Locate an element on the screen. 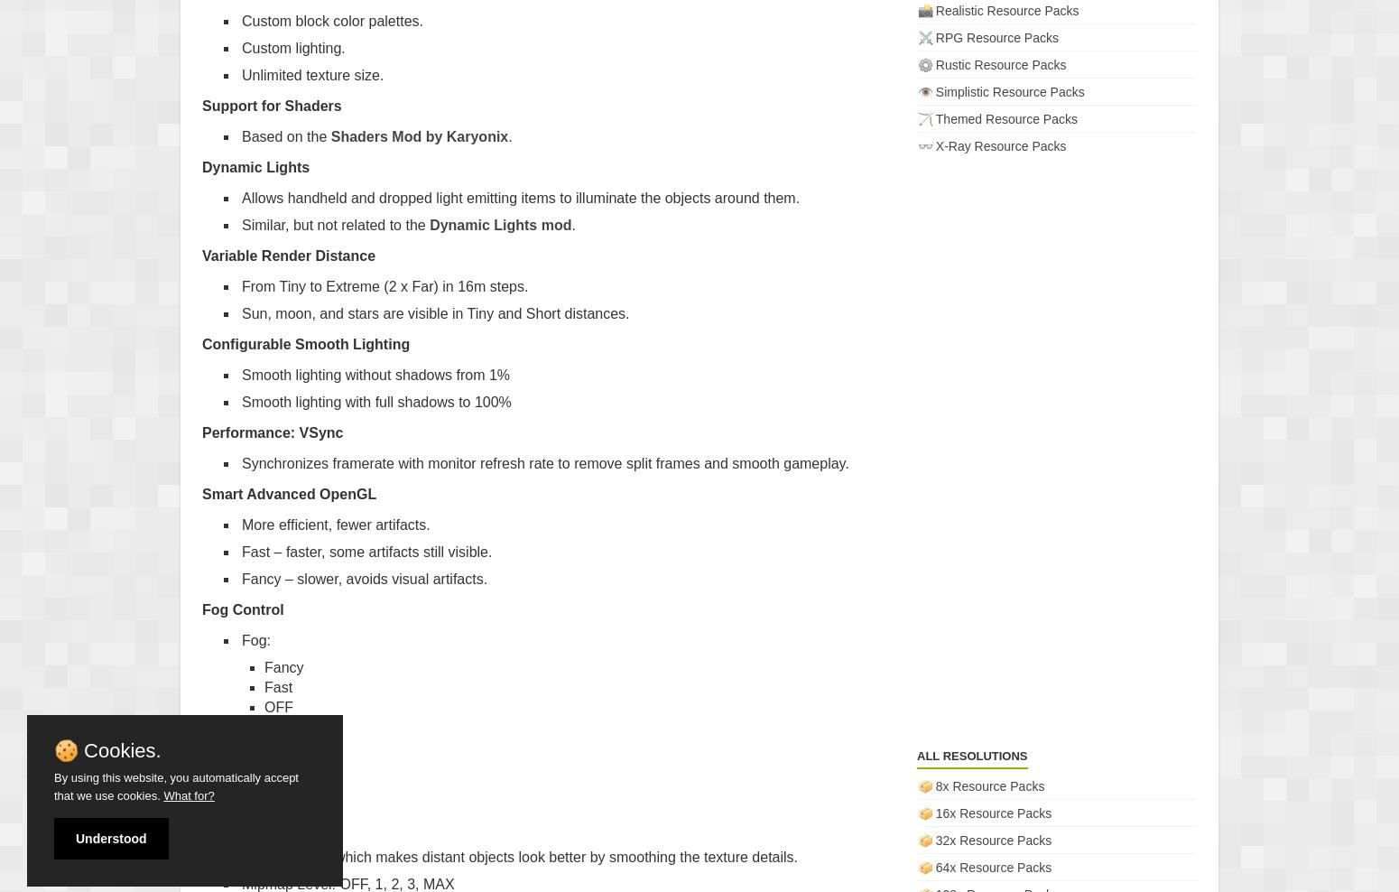 The image size is (1399, 892). '16x Resource Packs' is located at coordinates (992, 812).